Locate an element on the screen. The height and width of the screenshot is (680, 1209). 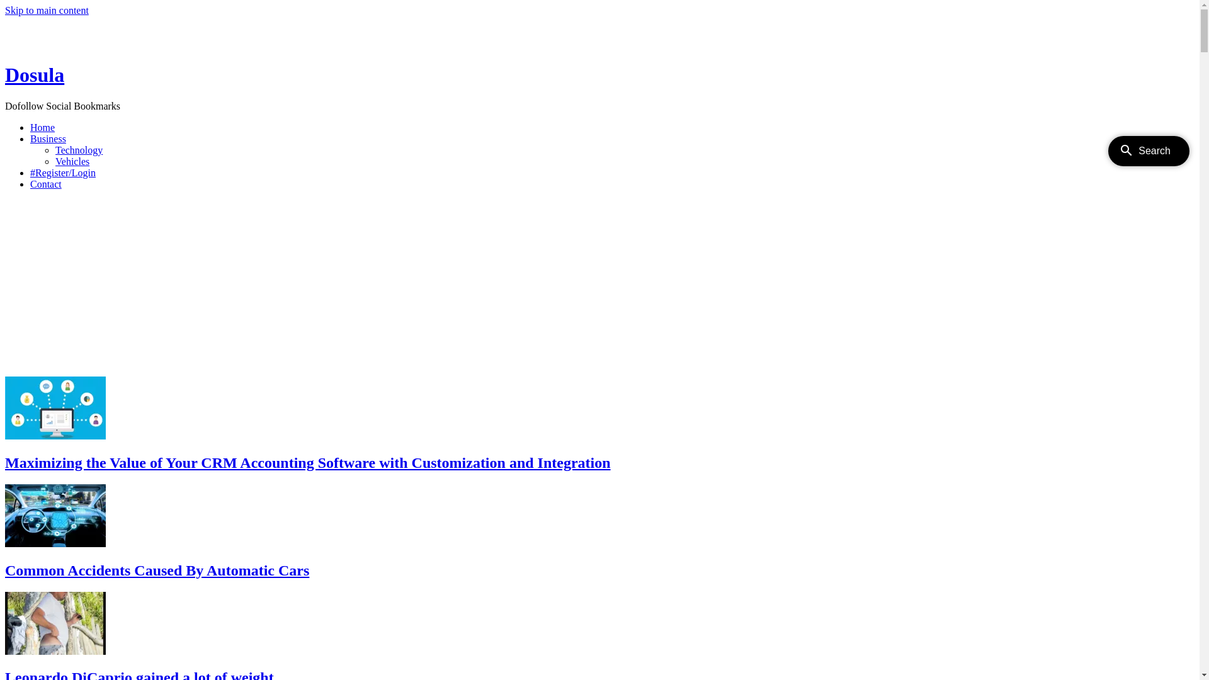
'Skip to main content' is located at coordinates (47, 10).